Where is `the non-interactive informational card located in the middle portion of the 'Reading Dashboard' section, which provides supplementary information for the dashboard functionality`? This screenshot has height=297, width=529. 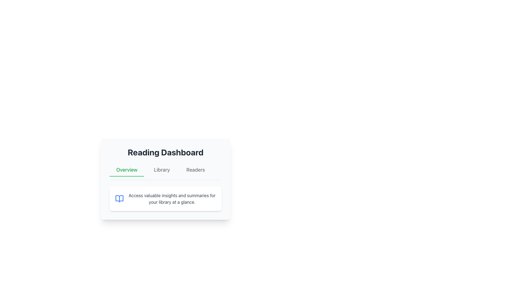 the non-interactive informational card located in the middle portion of the 'Reading Dashboard' section, which provides supplementary information for the dashboard functionality is located at coordinates (165, 199).